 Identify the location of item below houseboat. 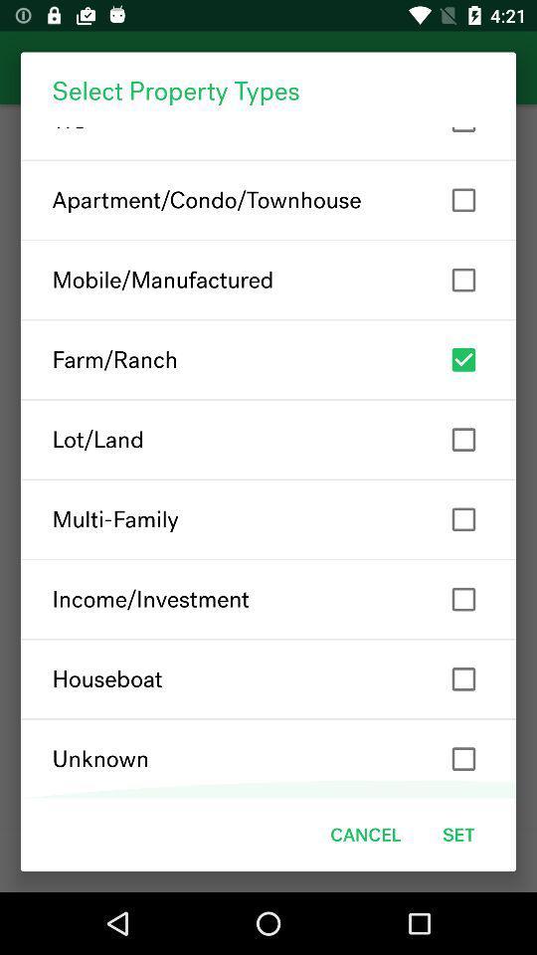
(268, 758).